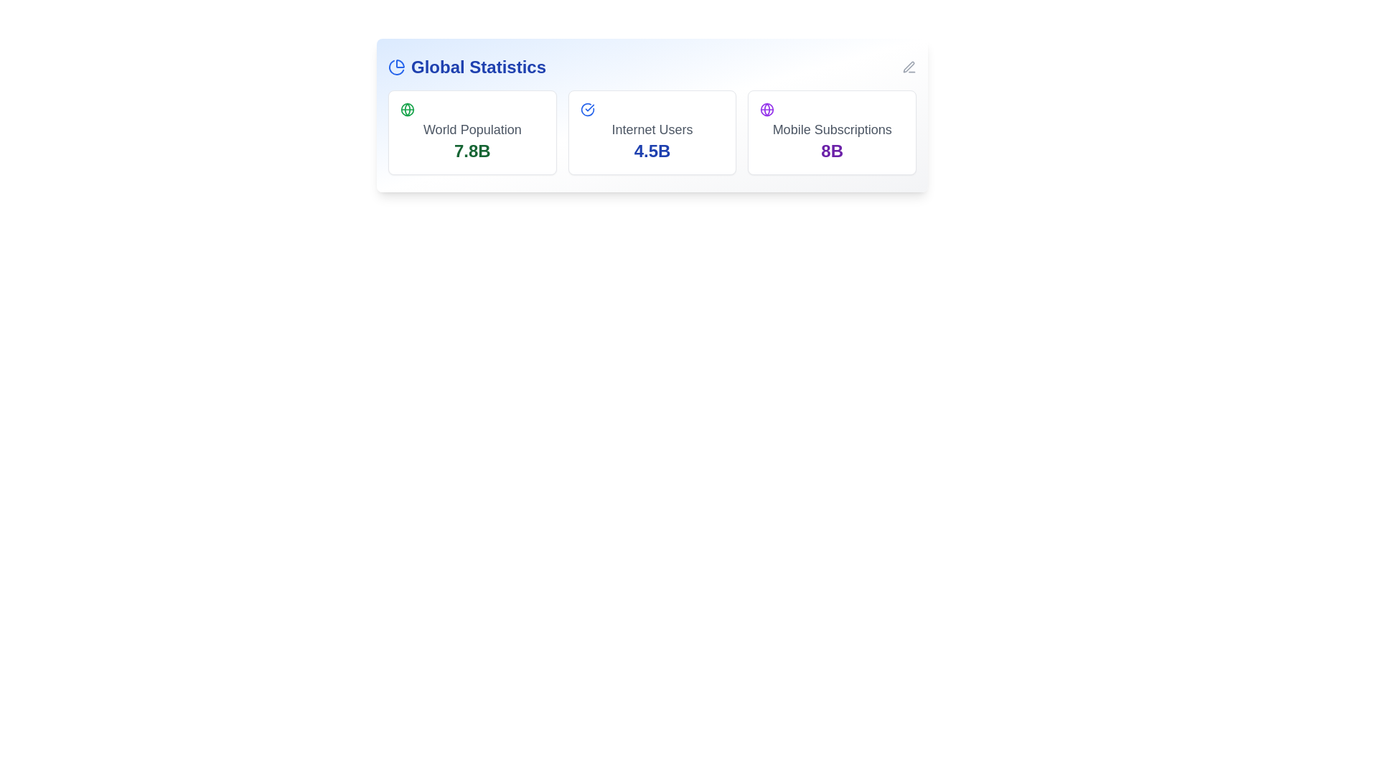 The width and height of the screenshot is (1378, 775). I want to click on the 'Internet Users' information card that features a blue checkmark icon and displays '4.5B' in bold blue font, so click(651, 133).